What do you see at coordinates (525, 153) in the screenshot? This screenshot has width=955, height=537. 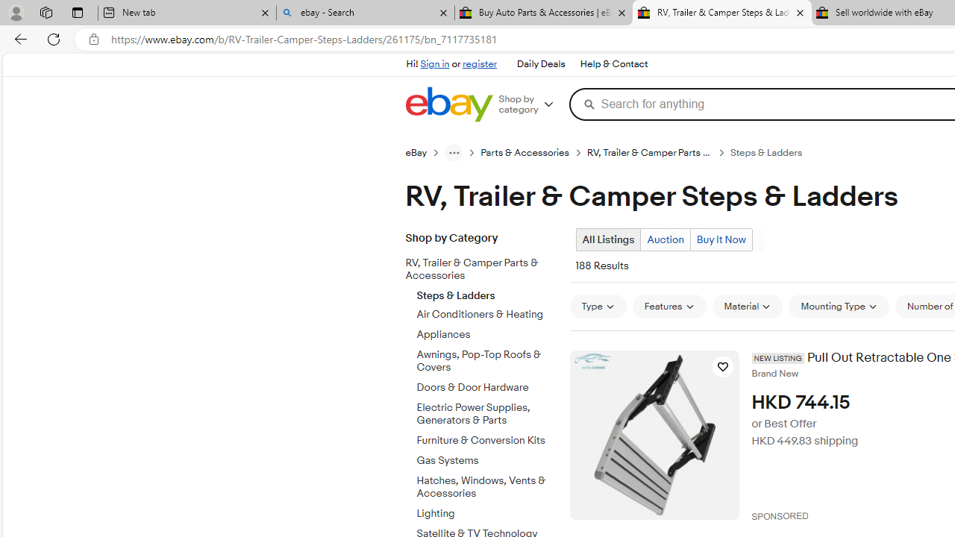 I see `'Parts & Accessories'` at bounding box center [525, 153].